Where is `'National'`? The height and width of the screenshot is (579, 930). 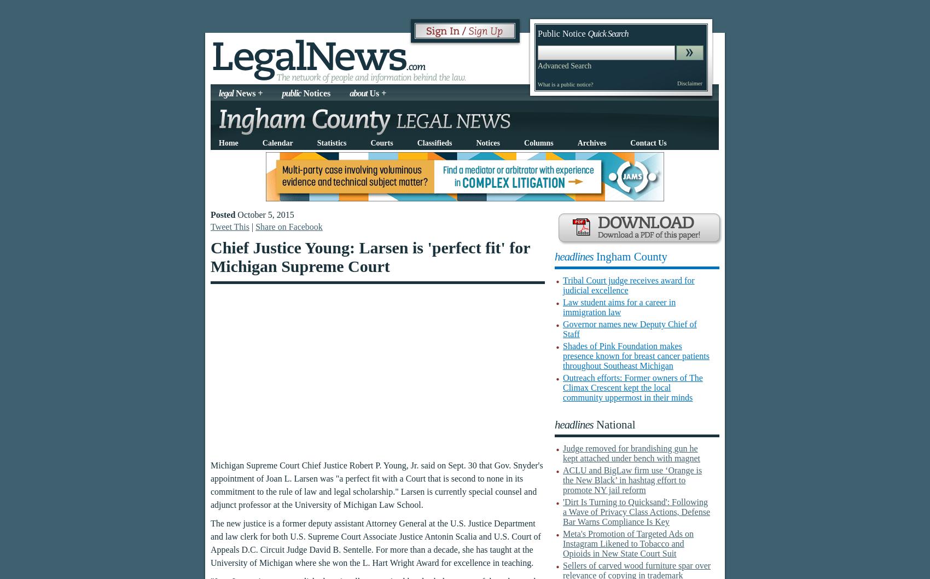 'National' is located at coordinates (614, 424).